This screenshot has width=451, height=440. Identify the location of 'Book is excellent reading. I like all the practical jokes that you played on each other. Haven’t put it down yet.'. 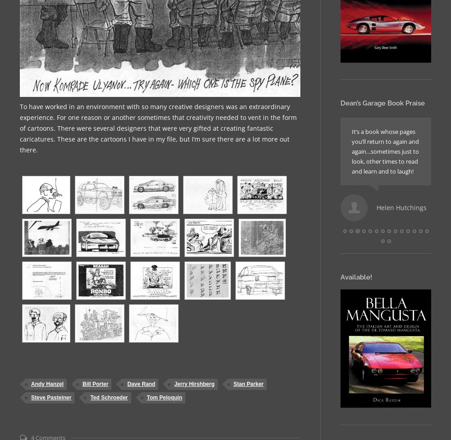
(197, 151).